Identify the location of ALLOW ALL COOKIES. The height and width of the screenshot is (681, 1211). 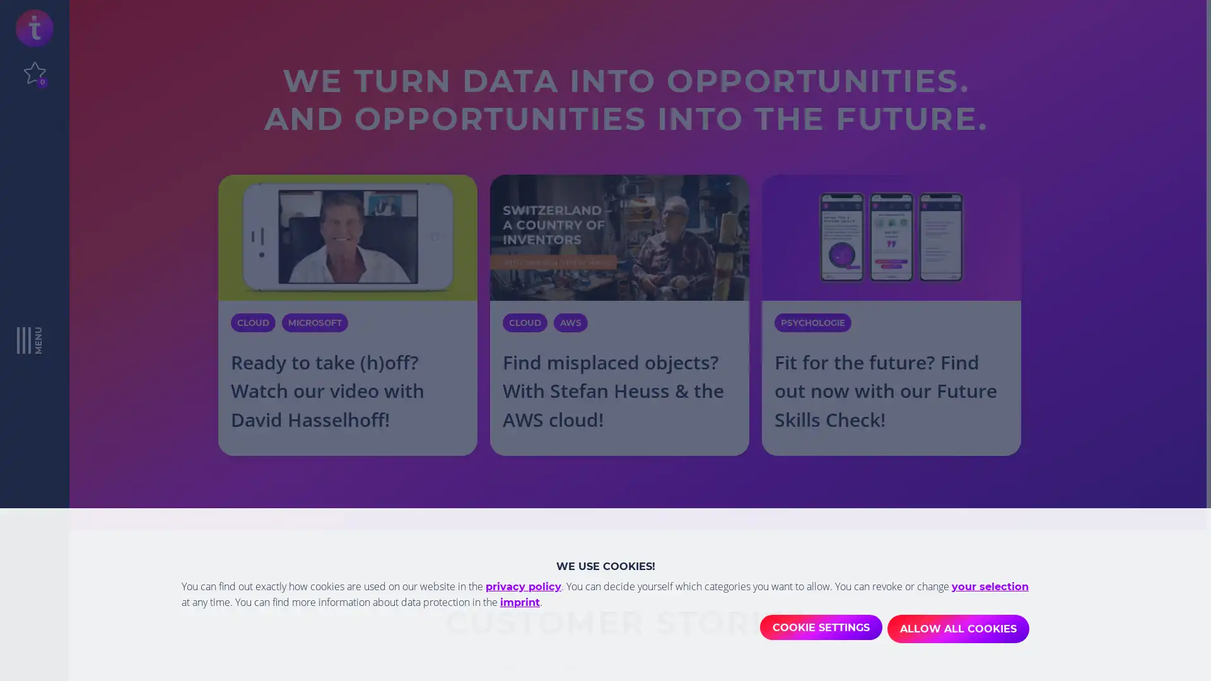
(958, 630).